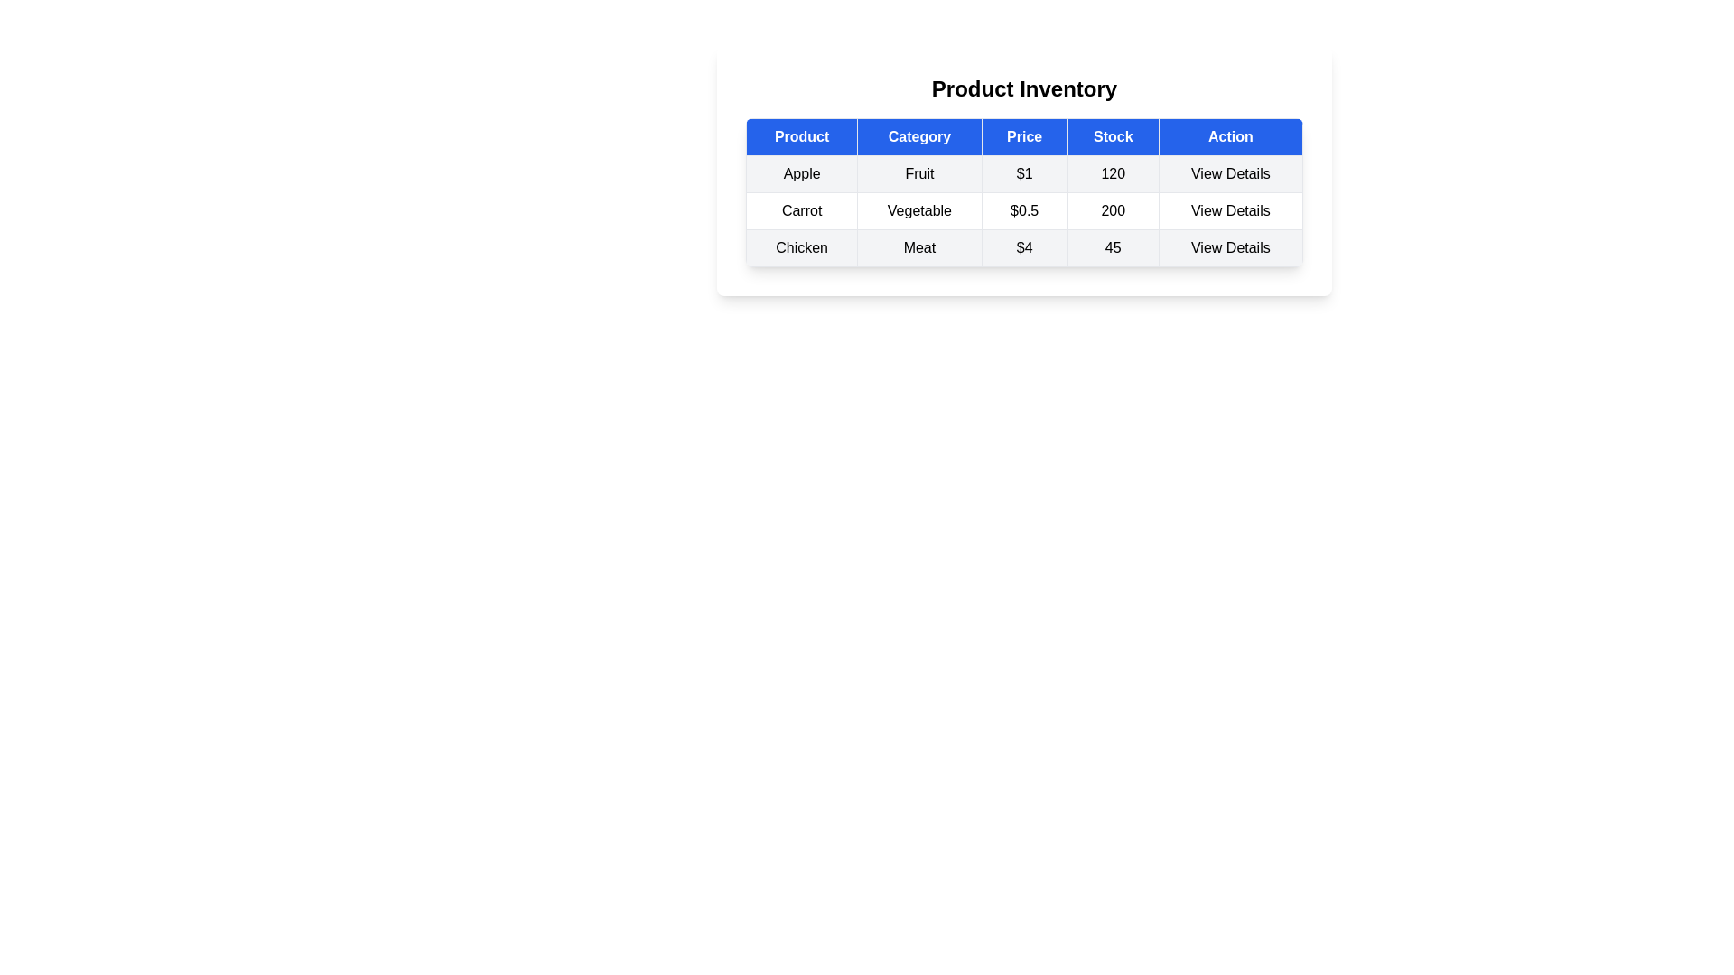 The image size is (1734, 975). What do you see at coordinates (1112, 135) in the screenshot?
I see `the column header Stock to inspect it` at bounding box center [1112, 135].